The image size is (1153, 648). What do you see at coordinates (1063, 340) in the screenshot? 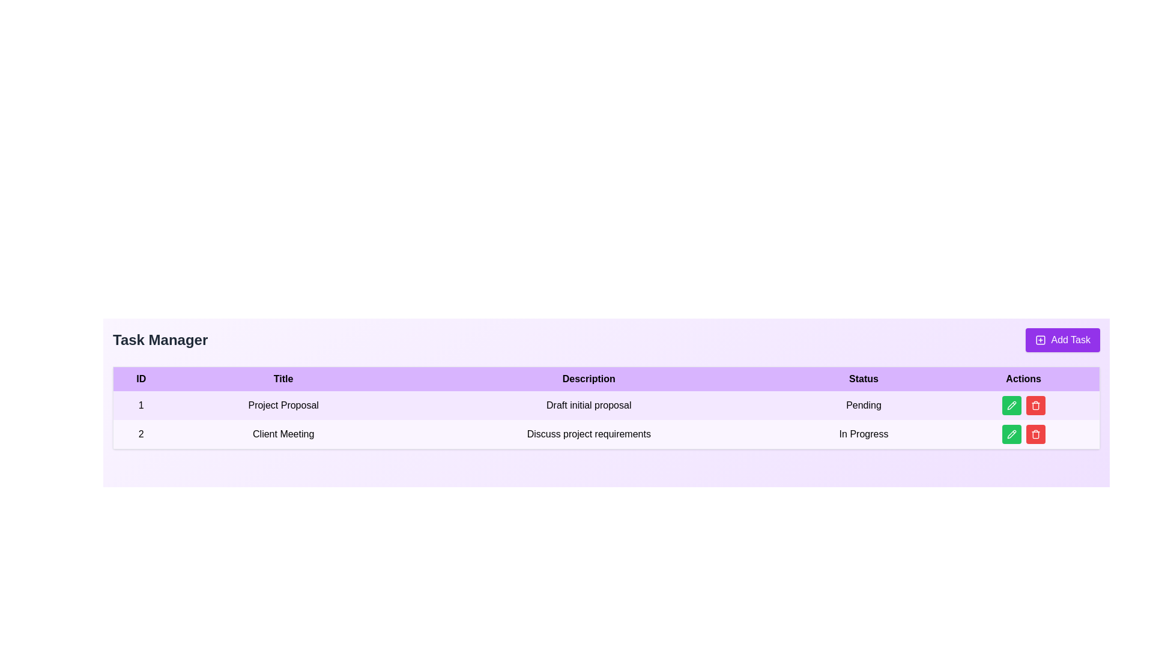
I see `the purple 'Add Task' button with a white outlined 'plus' icon in the top-right corner of the 'Task Manager' section` at bounding box center [1063, 340].